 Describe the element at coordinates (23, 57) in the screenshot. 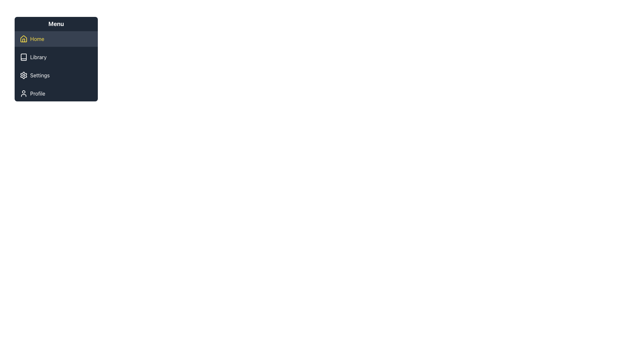

I see `around the decorative 'Library' icon located in the second option of the navigation menu, which is centrally aligned under the 'Library' label` at that location.